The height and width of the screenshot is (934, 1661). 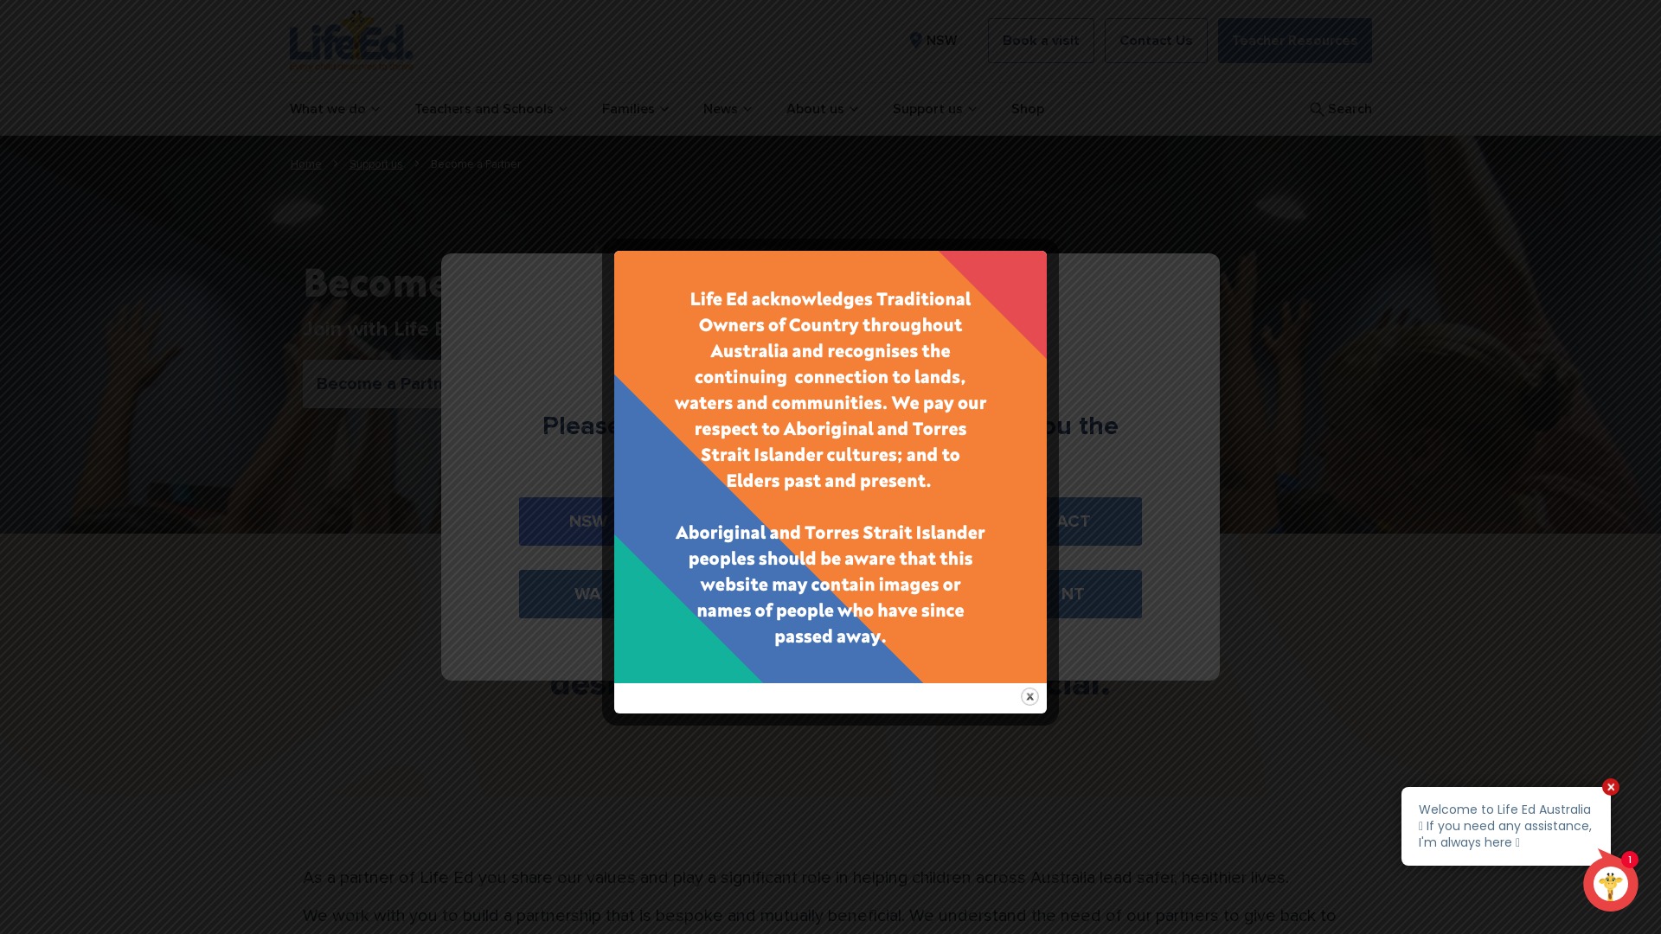 I want to click on 'WA', so click(x=587, y=592).